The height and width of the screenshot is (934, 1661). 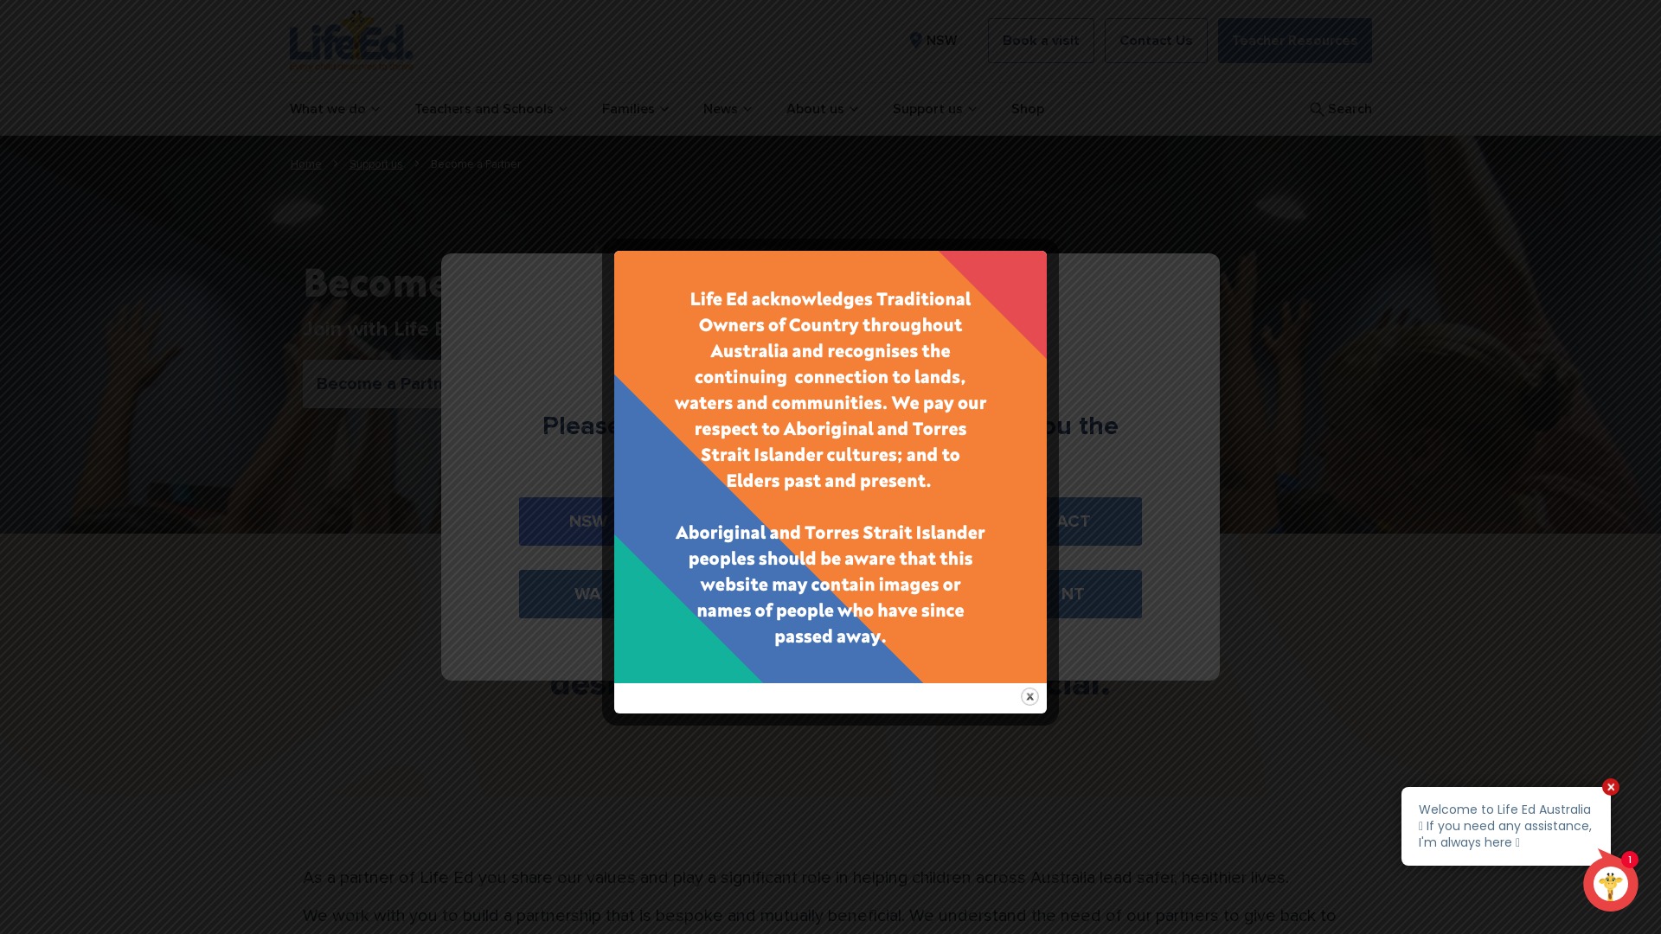 I want to click on 'WA', so click(x=587, y=592).